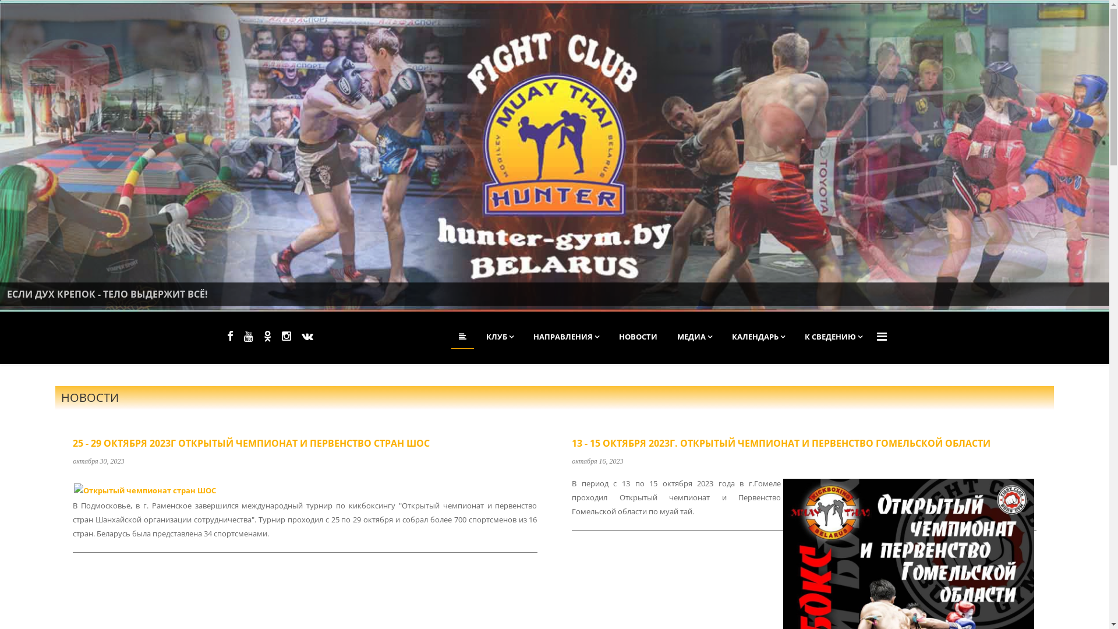  I want to click on 'Menu', so click(877, 337).